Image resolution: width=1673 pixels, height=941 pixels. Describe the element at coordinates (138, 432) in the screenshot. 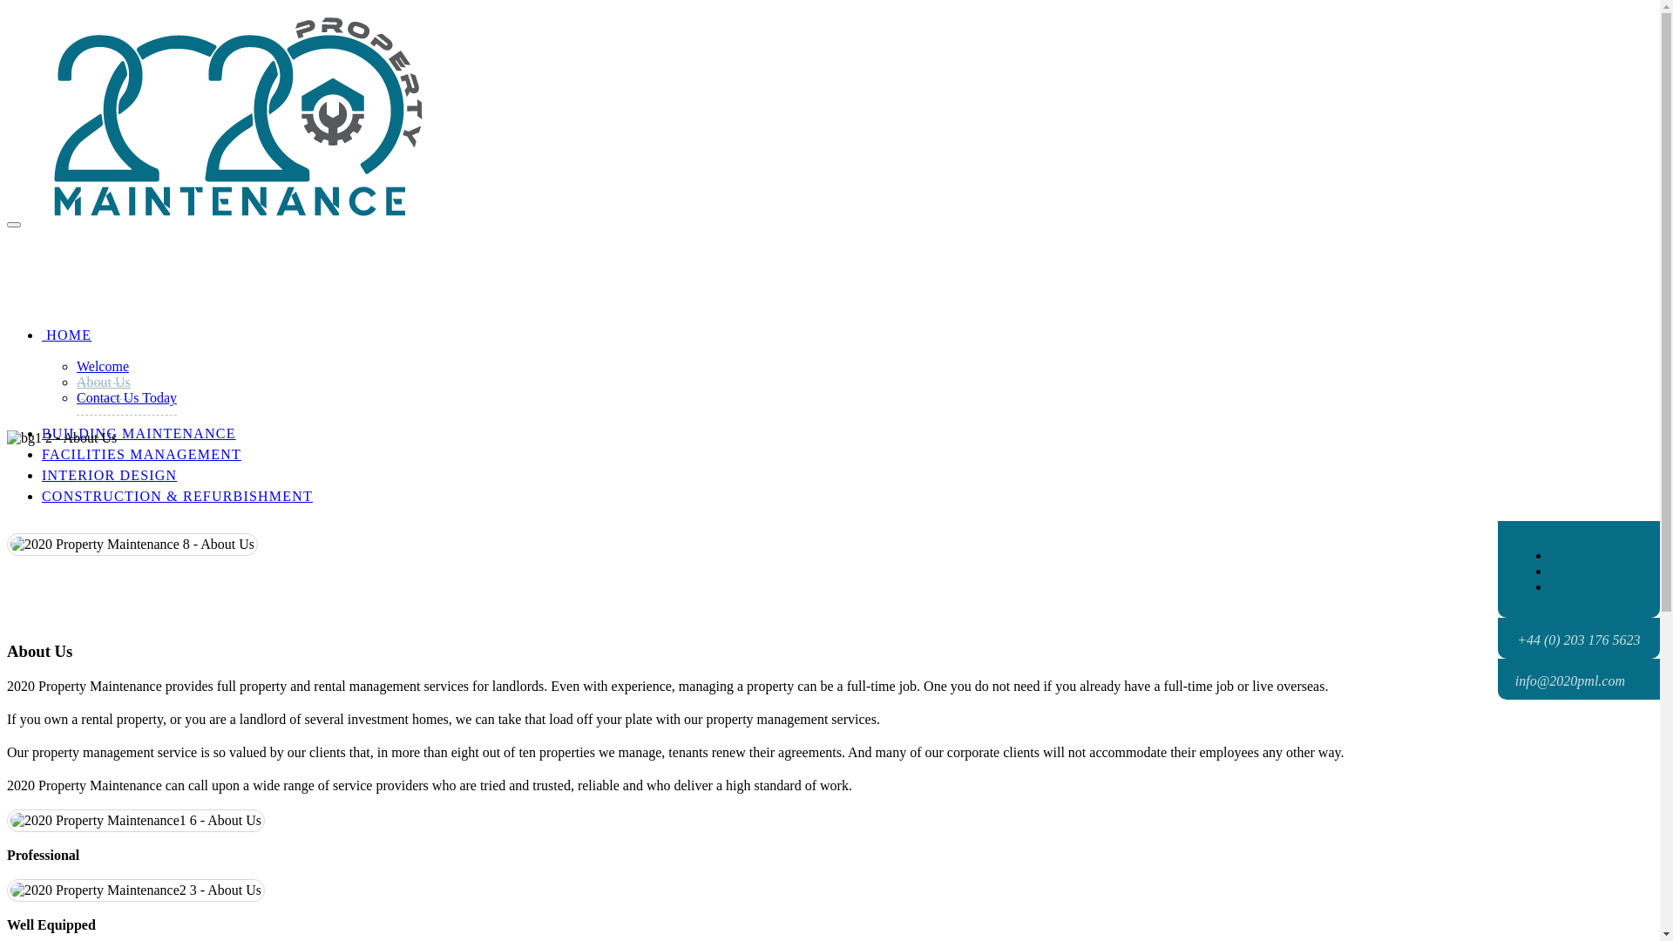

I see `'BUILDING MAINTENANCE'` at that location.